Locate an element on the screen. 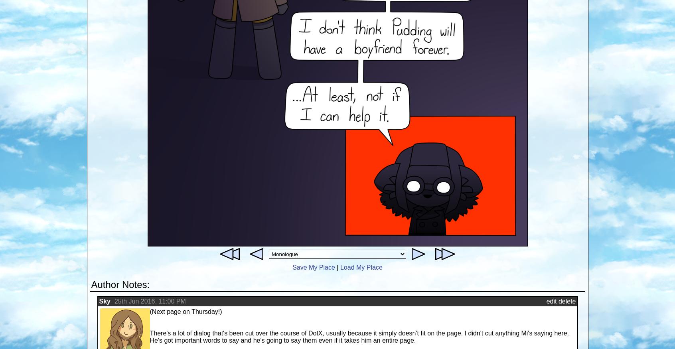 The image size is (675, 349). 'edit' is located at coordinates (551, 301).